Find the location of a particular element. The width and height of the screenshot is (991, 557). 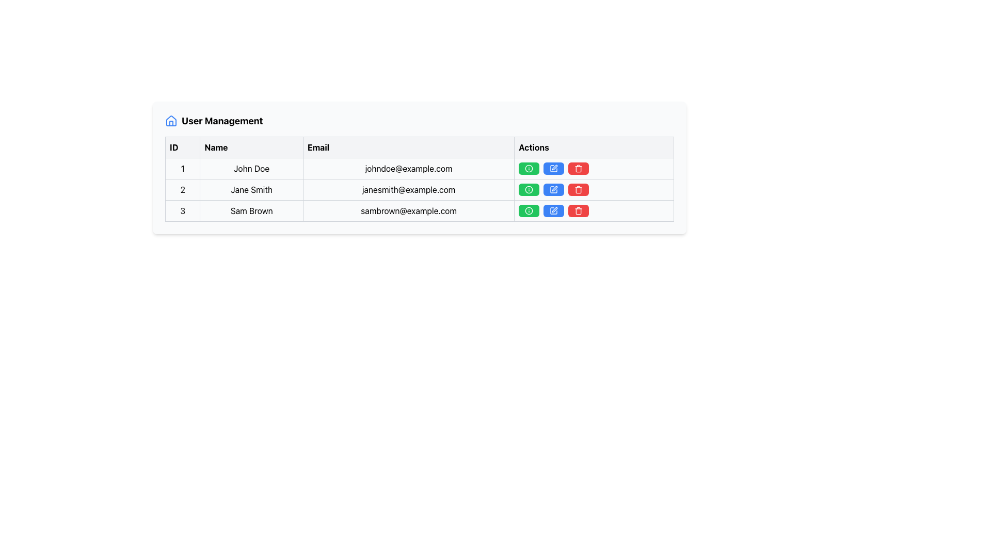

the leftmost icon in the 'Actions' column of the table, which is enclosed within a green rounded rectangle button to provide information or details related to the corresponding entry is located at coordinates (529, 168).